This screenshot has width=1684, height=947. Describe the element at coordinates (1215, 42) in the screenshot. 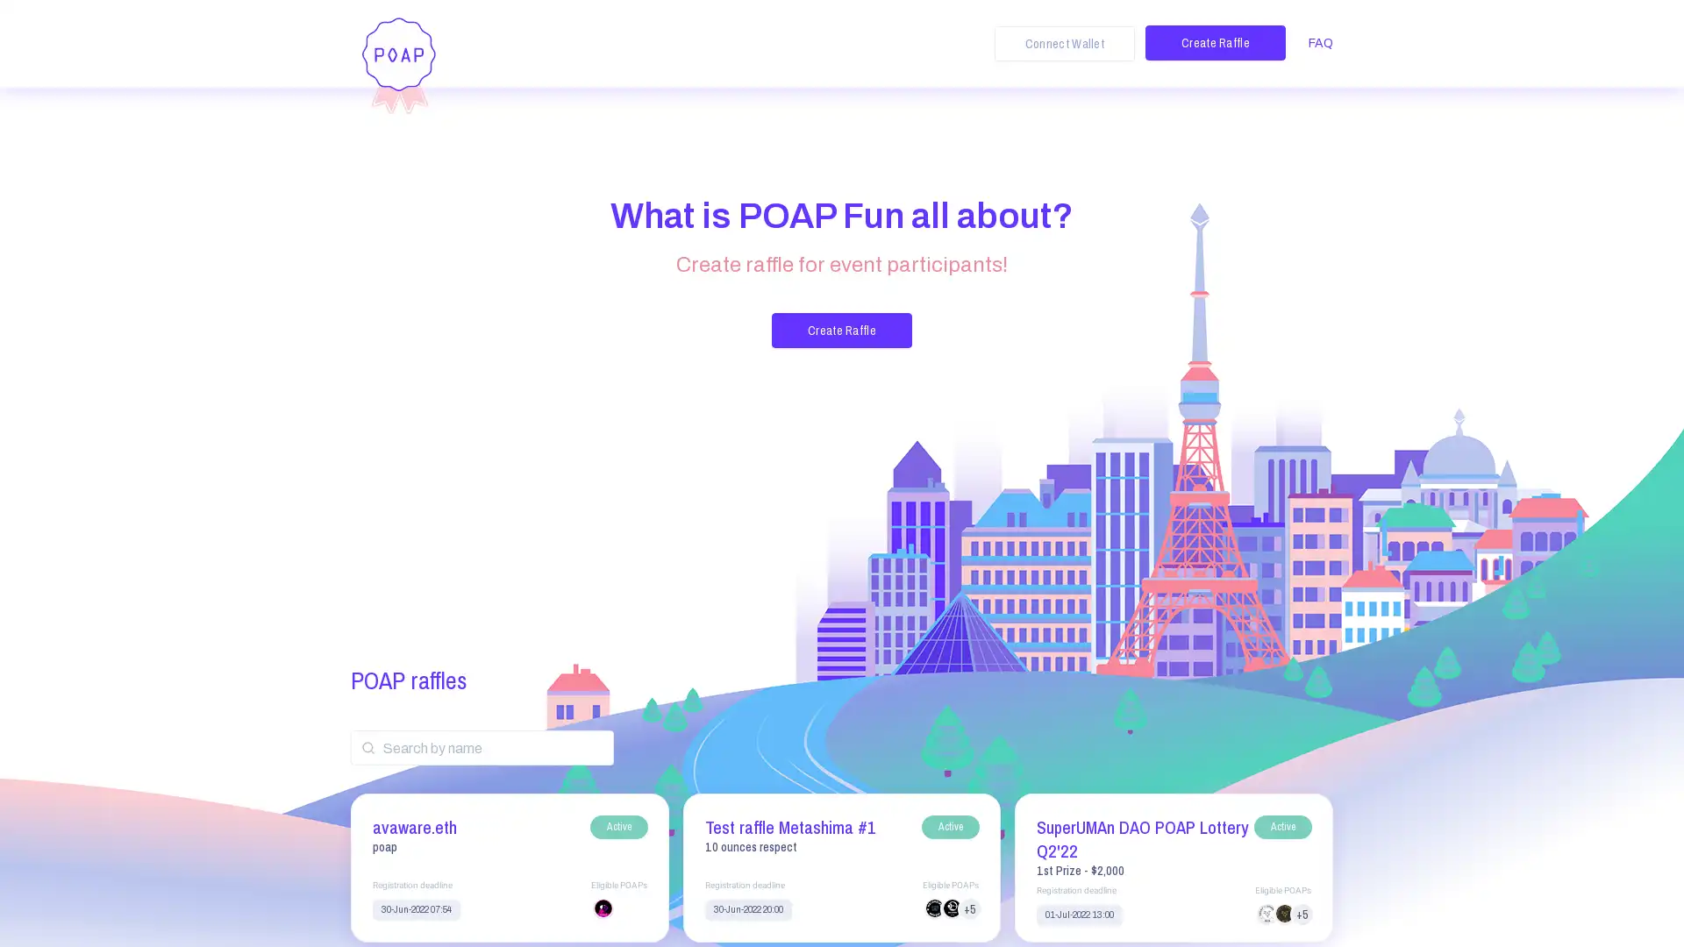

I see `Create Raffle` at that location.